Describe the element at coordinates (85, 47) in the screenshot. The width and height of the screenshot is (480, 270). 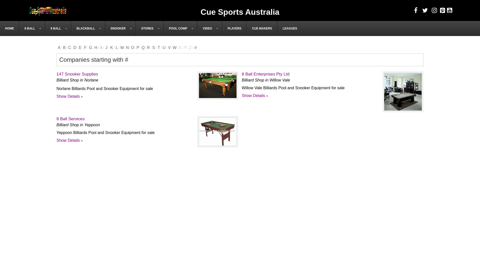
I see `'F'` at that location.